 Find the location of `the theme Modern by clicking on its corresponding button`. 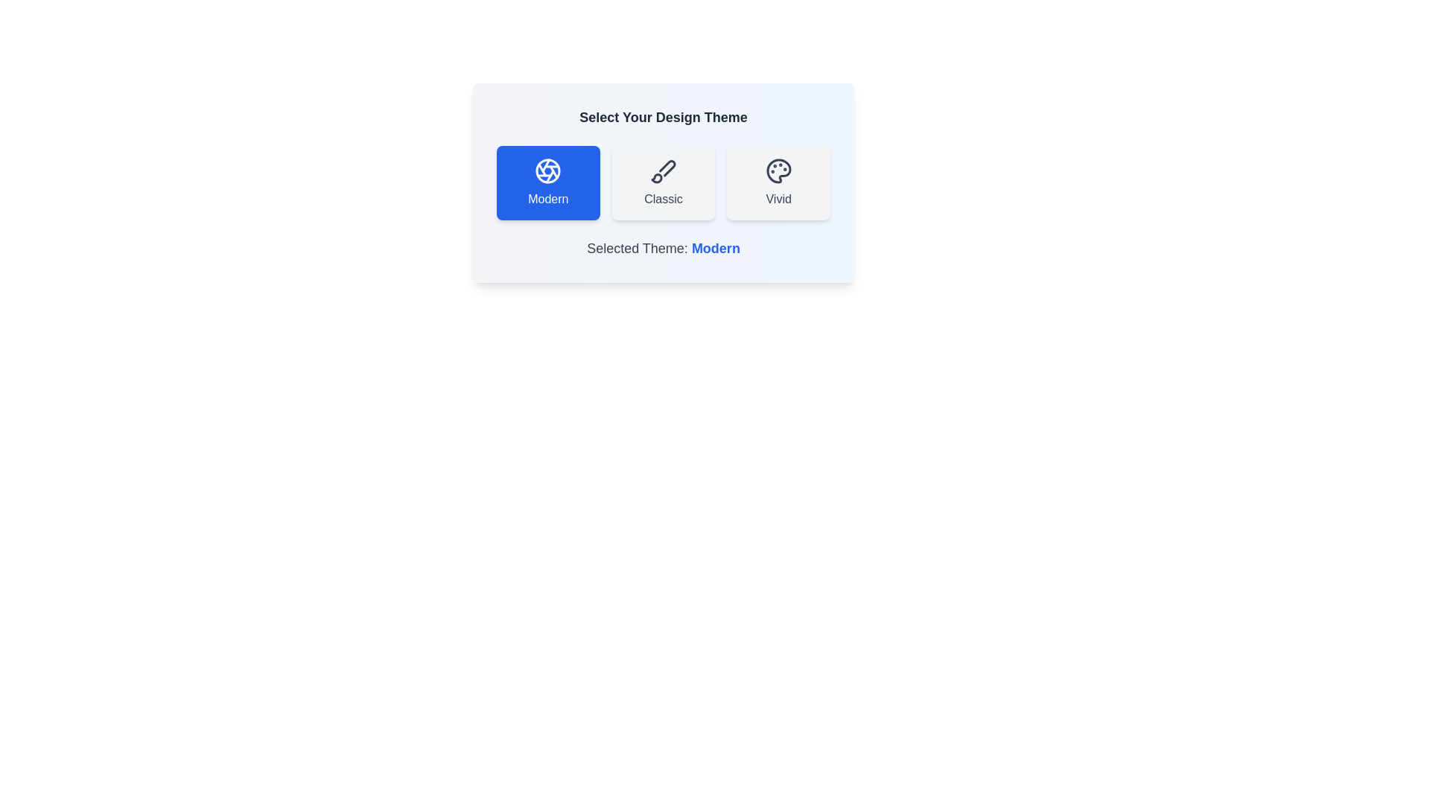

the theme Modern by clicking on its corresponding button is located at coordinates (547, 182).